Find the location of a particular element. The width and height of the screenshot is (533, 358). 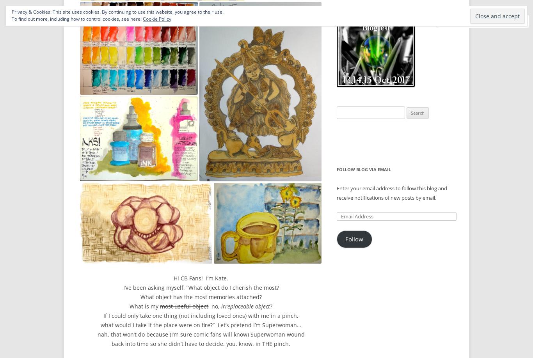

'Privacy & Cookies: This site uses cookies. By continuing to use this website, you agree to their use.' is located at coordinates (117, 12).